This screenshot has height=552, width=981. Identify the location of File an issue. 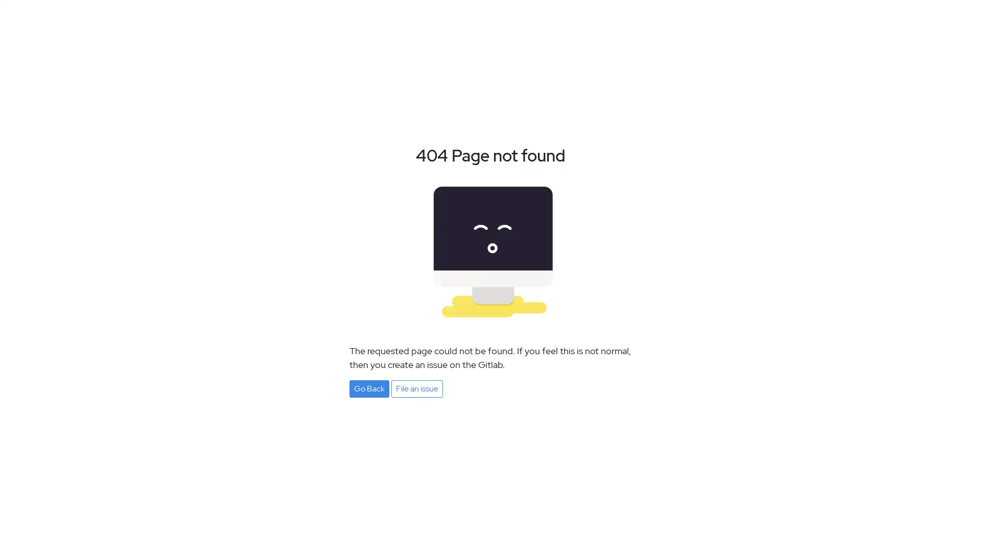
(417, 388).